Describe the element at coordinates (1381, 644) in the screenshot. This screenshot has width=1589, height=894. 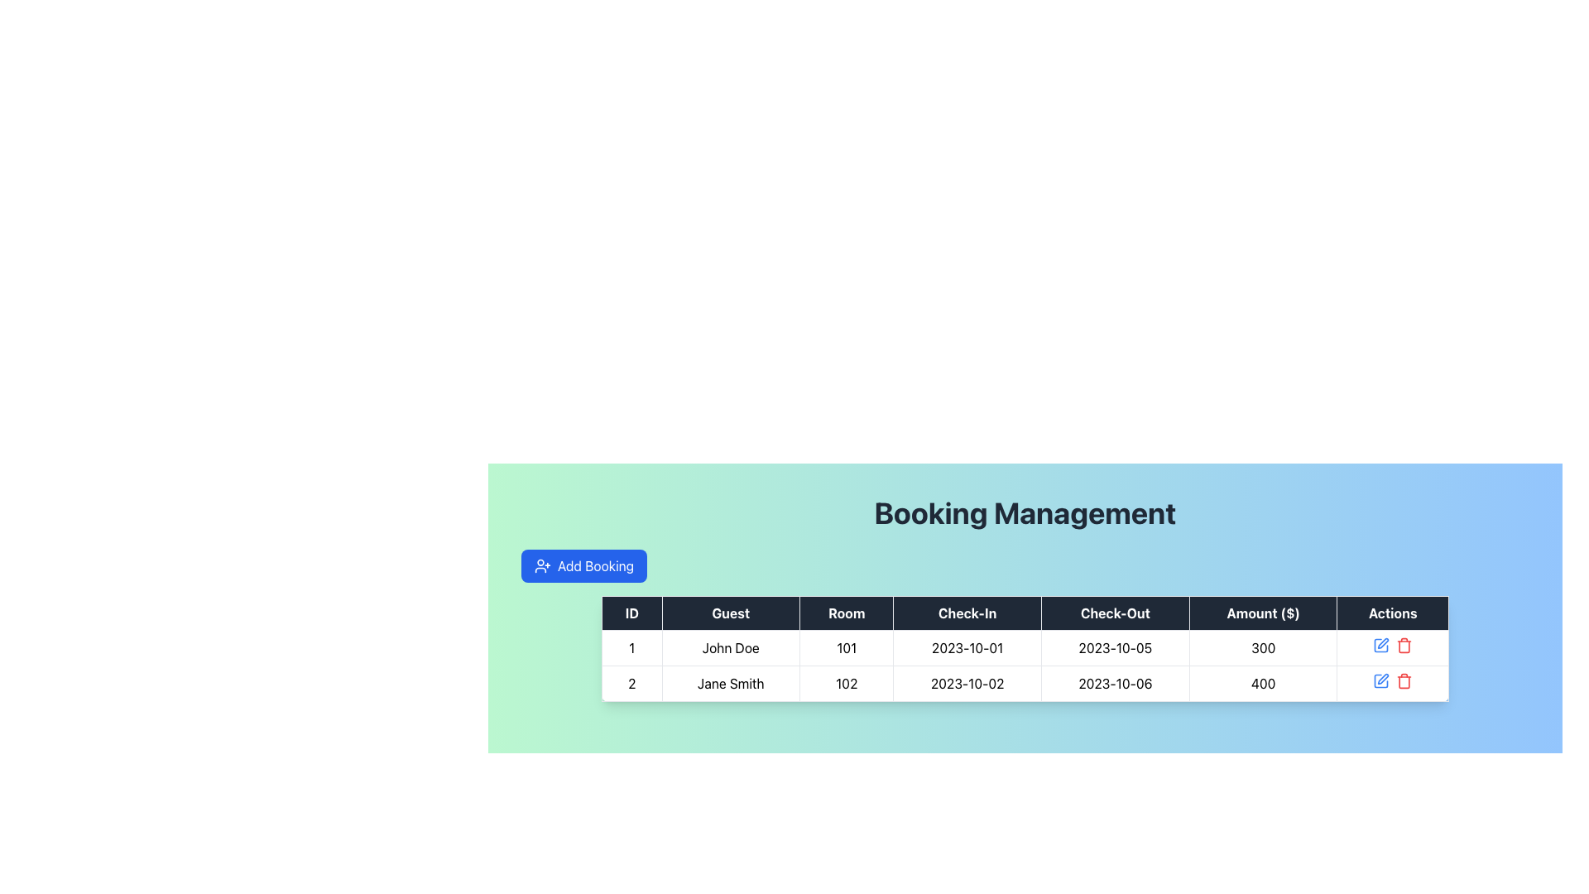
I see `the first graphical component of the 'Actions' column in the second row of the table, which visually represents an editing function` at that location.